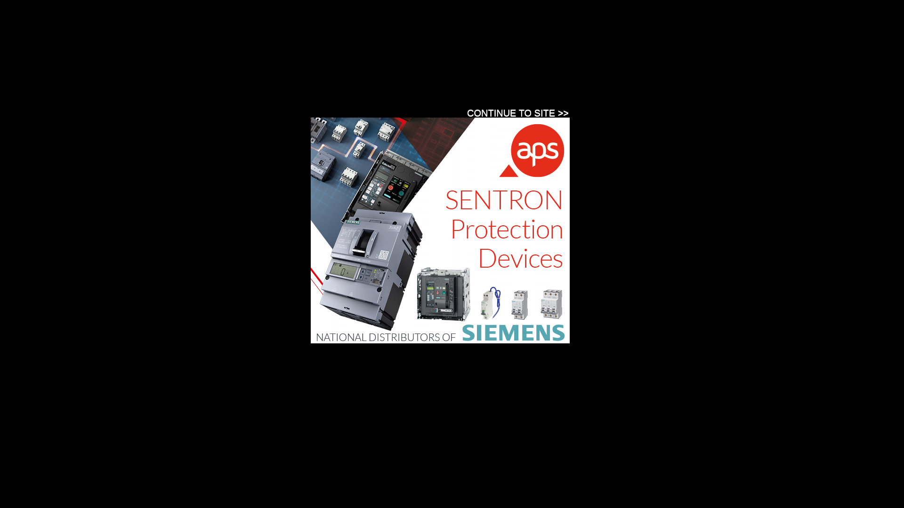 The image size is (904, 508). Describe the element at coordinates (183, 79) in the screenshot. I see `'Automation'` at that location.